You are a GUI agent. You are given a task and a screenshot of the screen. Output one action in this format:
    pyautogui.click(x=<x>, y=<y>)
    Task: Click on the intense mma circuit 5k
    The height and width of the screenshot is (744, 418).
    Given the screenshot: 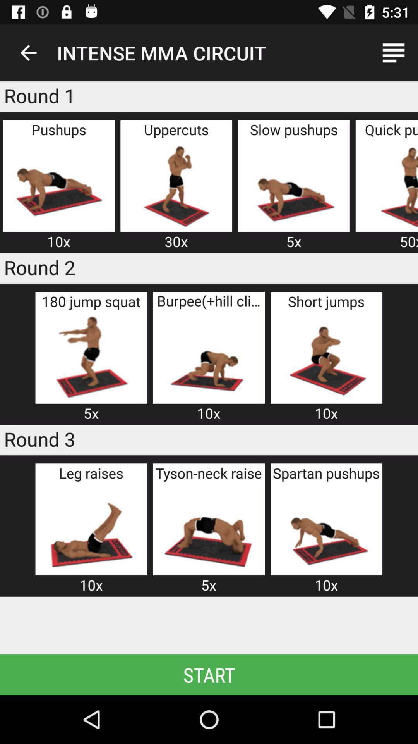 What is the action you would take?
    pyautogui.click(x=91, y=356)
    